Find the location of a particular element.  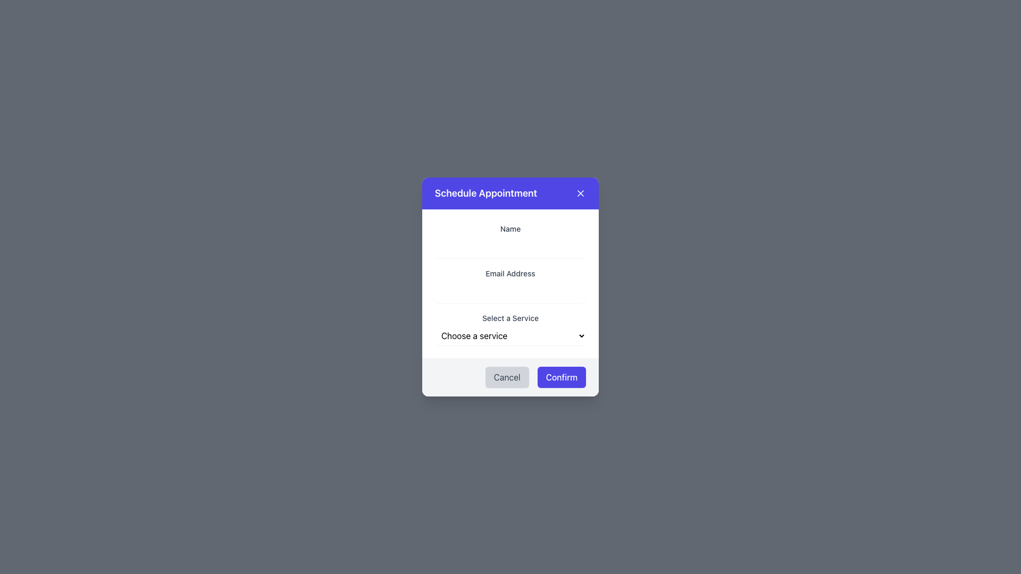

the close button located in the top-right corner of the indigo header bar of the 'Schedule Appointment' modal is located at coordinates (580, 193).